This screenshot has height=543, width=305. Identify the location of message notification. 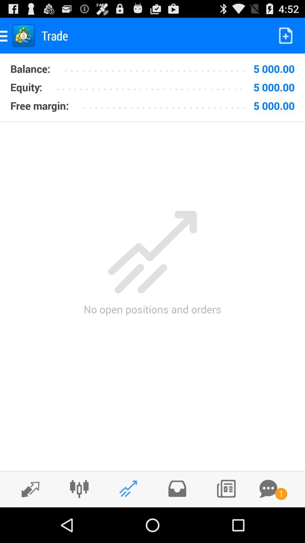
(268, 488).